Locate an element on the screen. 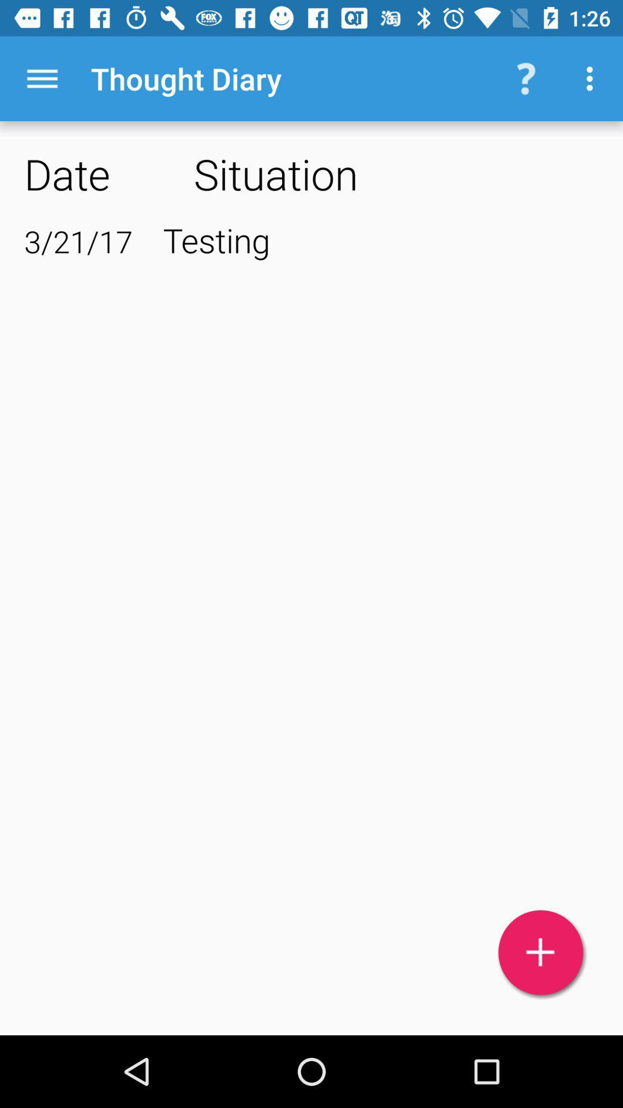  the testing app is located at coordinates (381, 239).